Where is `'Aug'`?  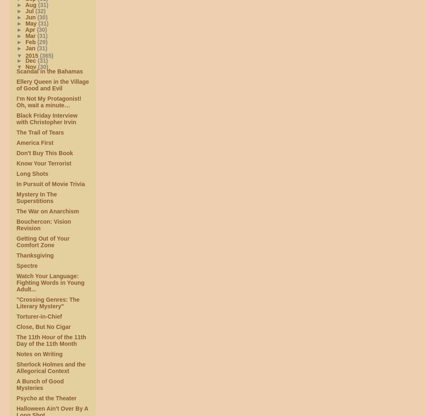 'Aug' is located at coordinates (31, 4).